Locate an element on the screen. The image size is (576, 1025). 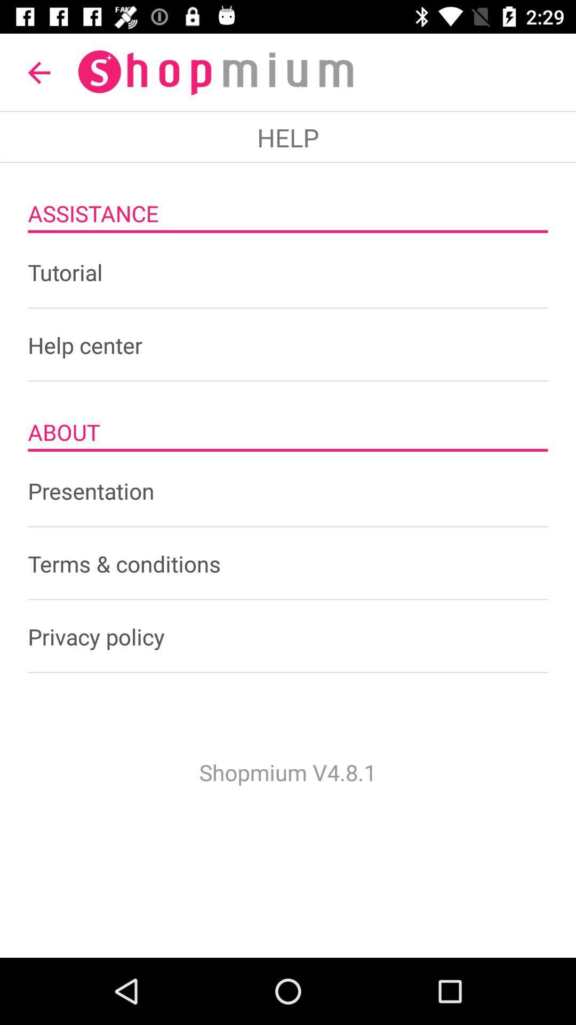
item above help is located at coordinates (38, 72).